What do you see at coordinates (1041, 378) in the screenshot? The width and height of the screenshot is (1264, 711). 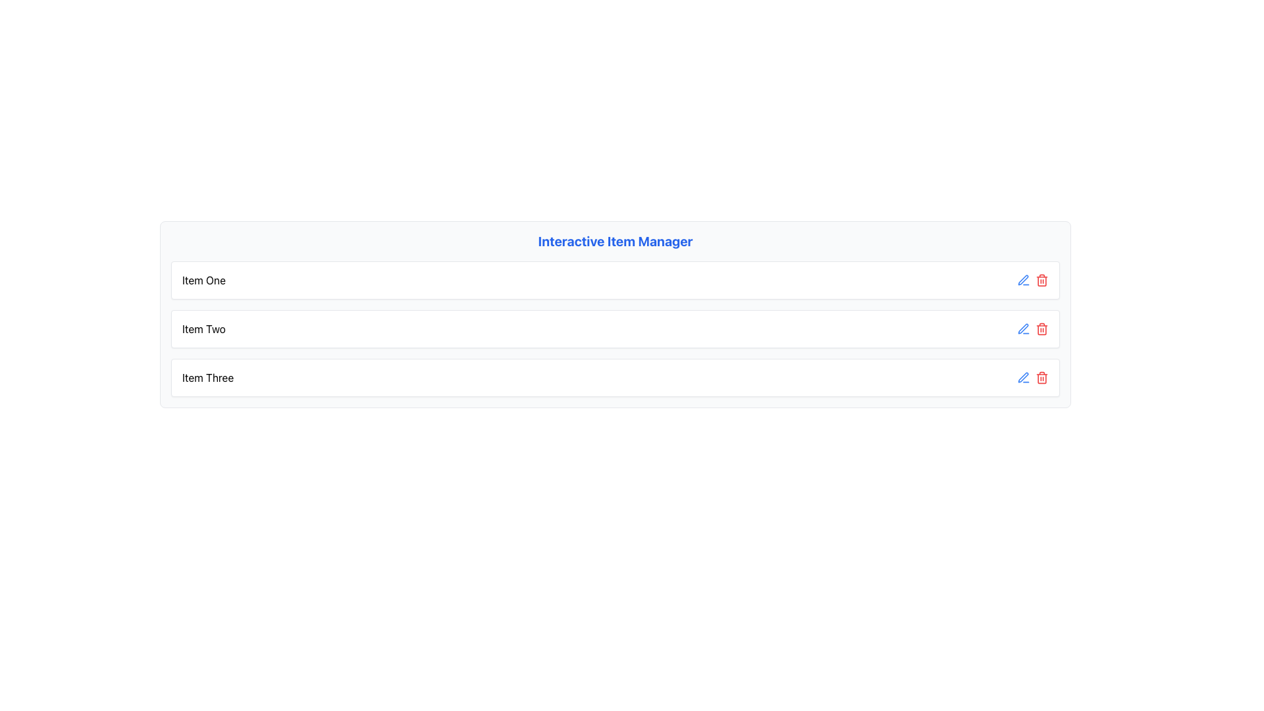 I see `the delete icon button, which is the second item in a horizontal group of icons, positioned right of the blue edit icon in the third row adjacent to 'Item Three' label` at bounding box center [1041, 378].